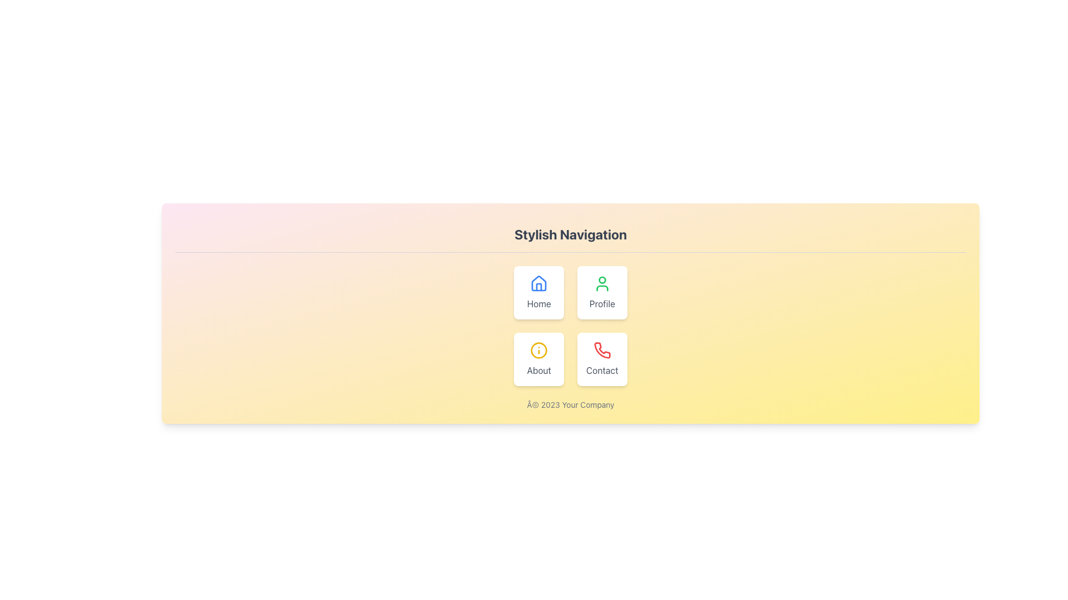 The image size is (1068, 600). I want to click on the house icon representing the 'Home' button, which is styled with a blue color and located in the top-left cell beneath the title 'Stylish Navigation', so click(539, 283).